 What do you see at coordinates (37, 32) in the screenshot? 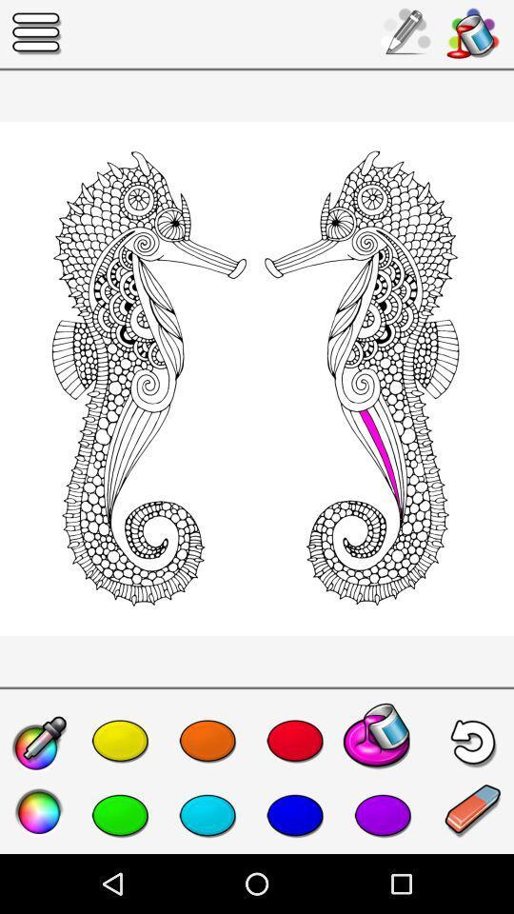
I see `the icon at the top left corner` at bounding box center [37, 32].